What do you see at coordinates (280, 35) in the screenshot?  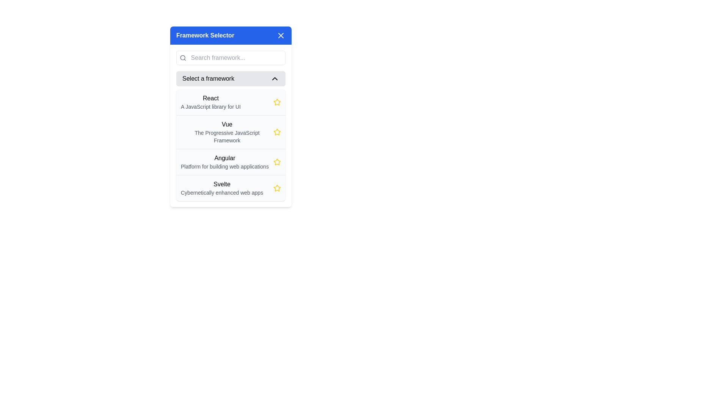 I see `the 'X' icon button located in the top-right corner of the blue header bar` at bounding box center [280, 35].